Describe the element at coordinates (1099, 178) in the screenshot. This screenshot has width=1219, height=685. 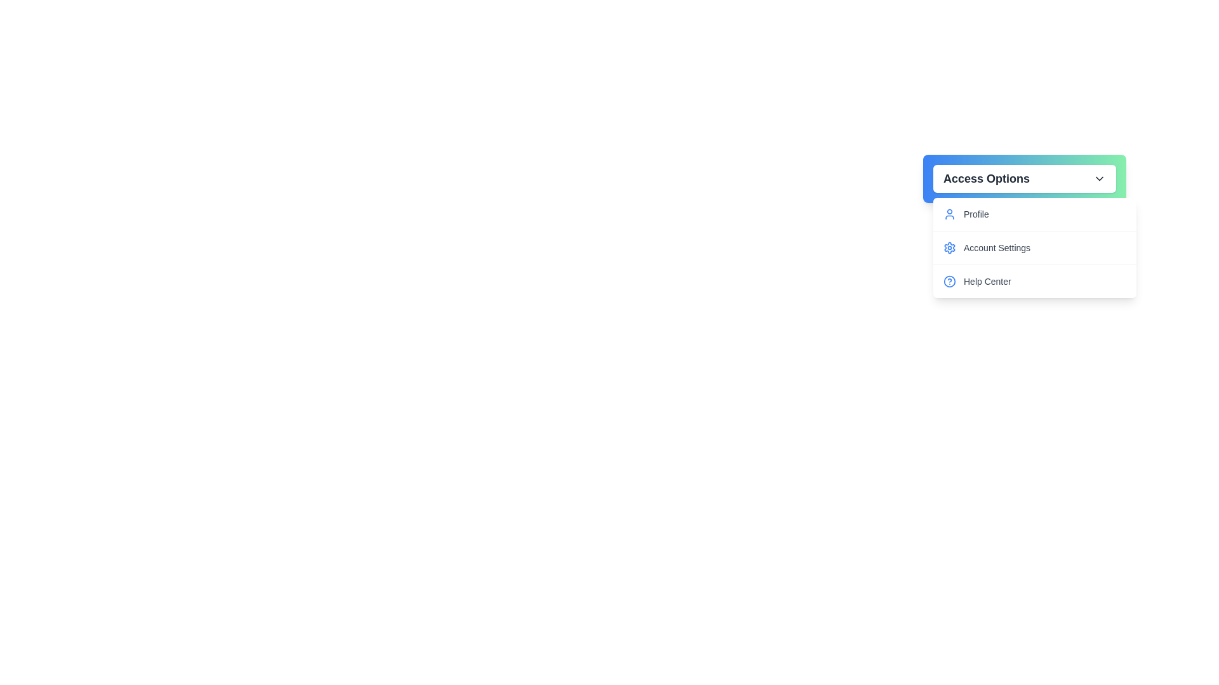
I see `the Dropdown indicator icon located at the far-right edge of the 'Access Options' button` at that location.